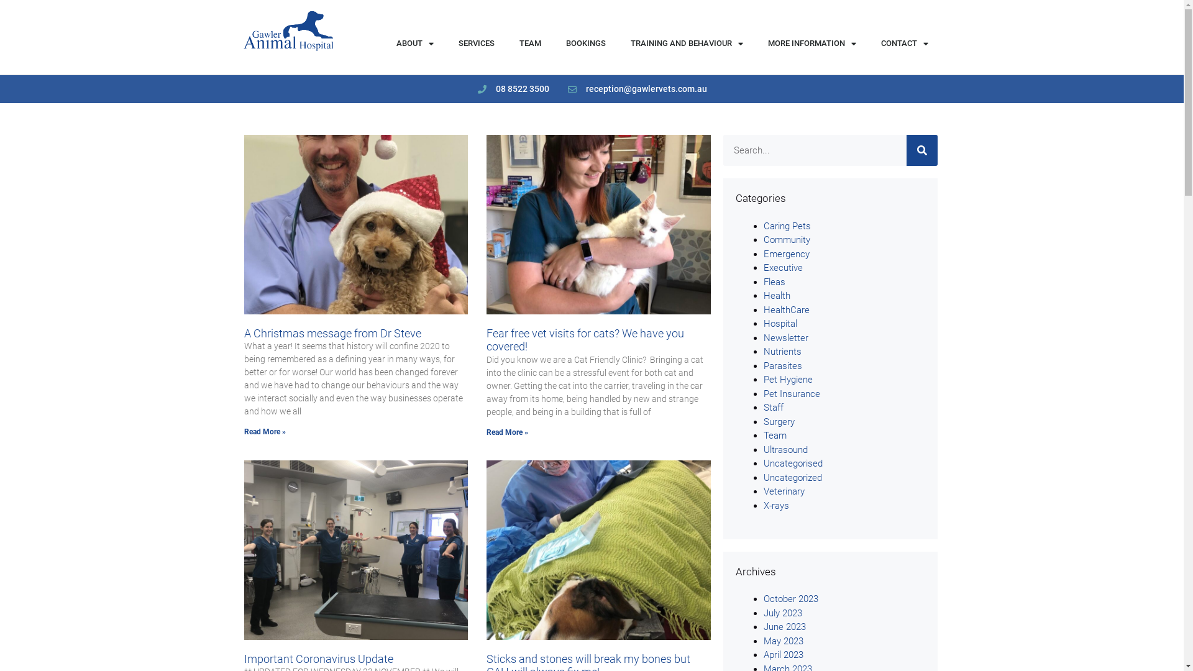  I want to click on 'October 2023', so click(790, 598).